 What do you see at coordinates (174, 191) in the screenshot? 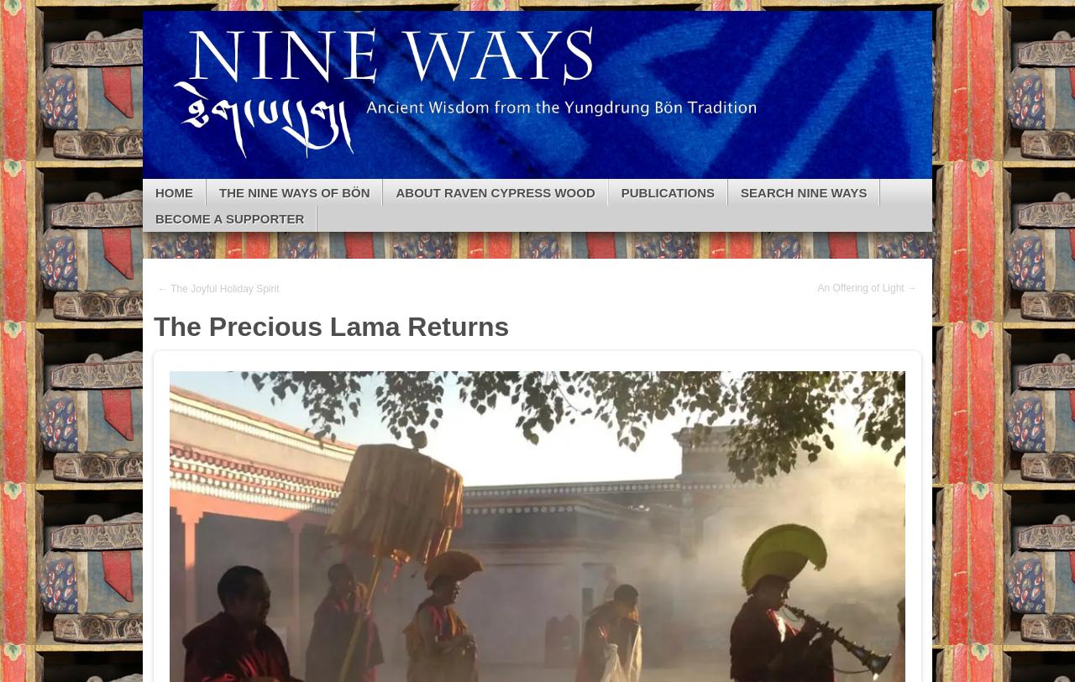
I see `'Home'` at bounding box center [174, 191].